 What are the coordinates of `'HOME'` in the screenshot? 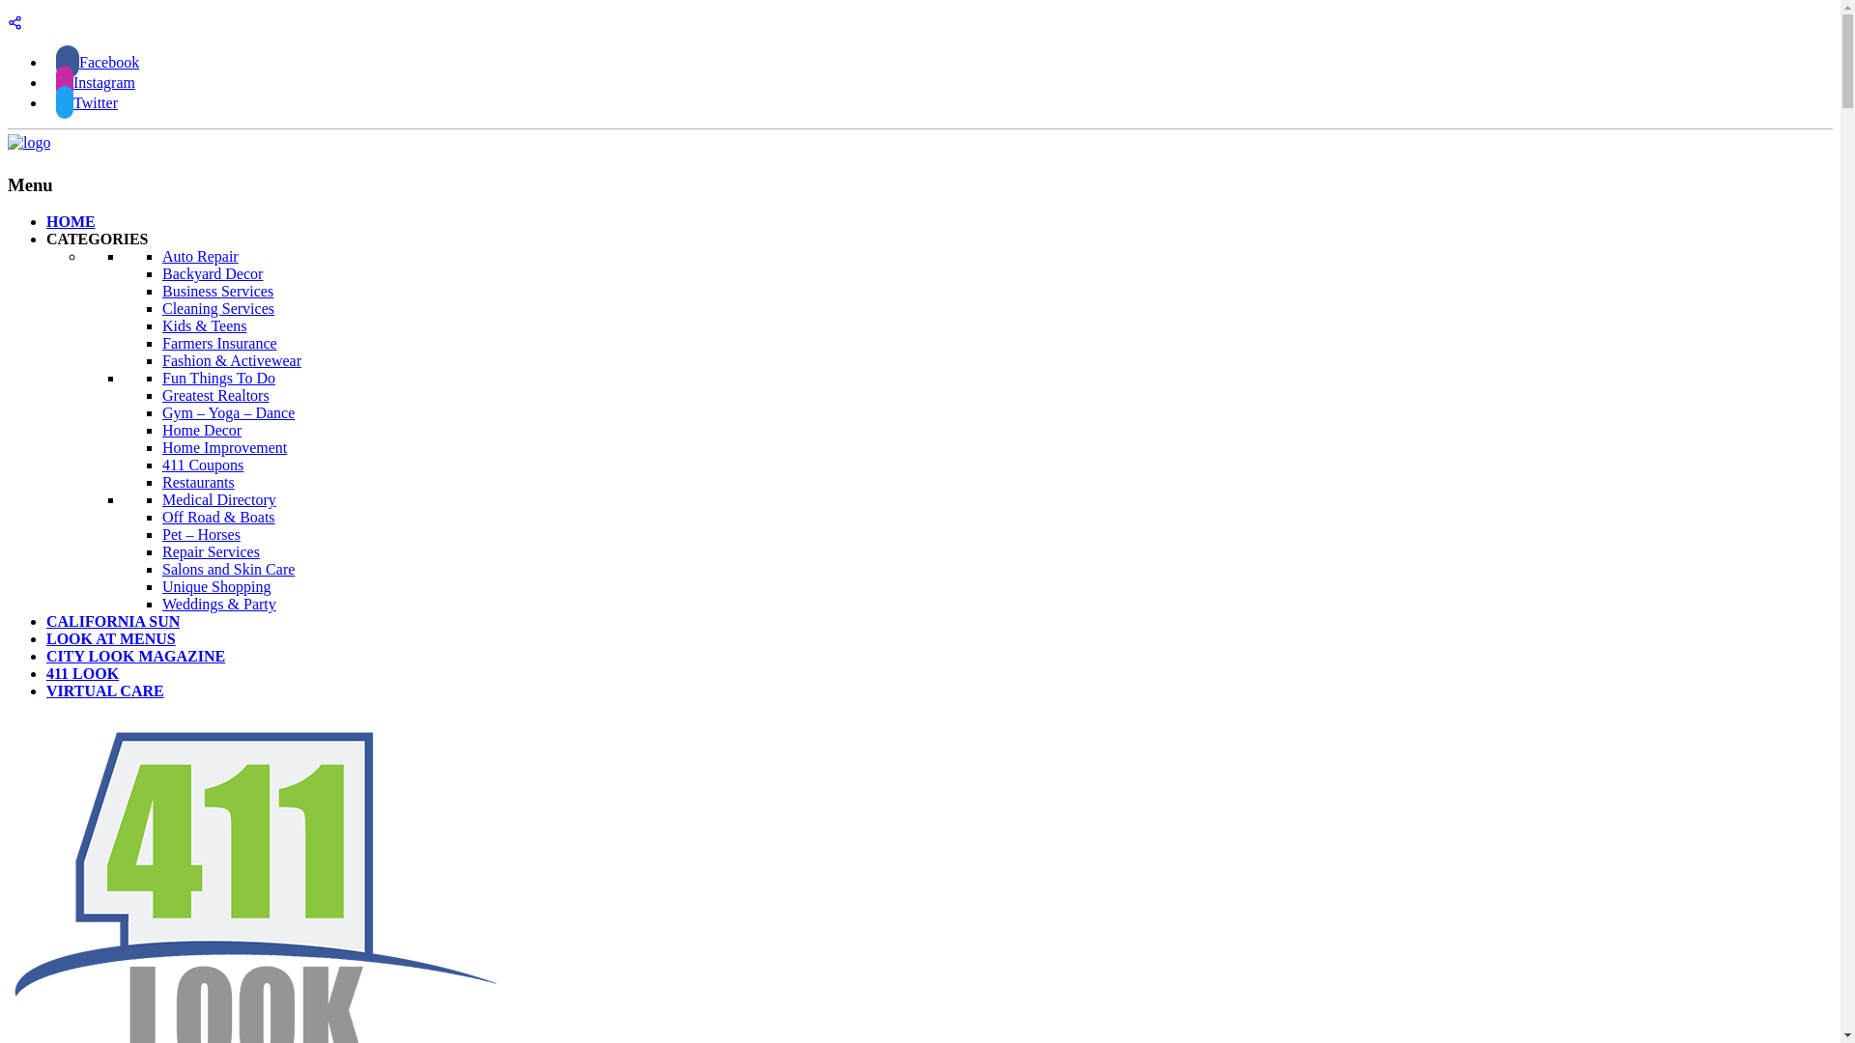 It's located at (71, 220).